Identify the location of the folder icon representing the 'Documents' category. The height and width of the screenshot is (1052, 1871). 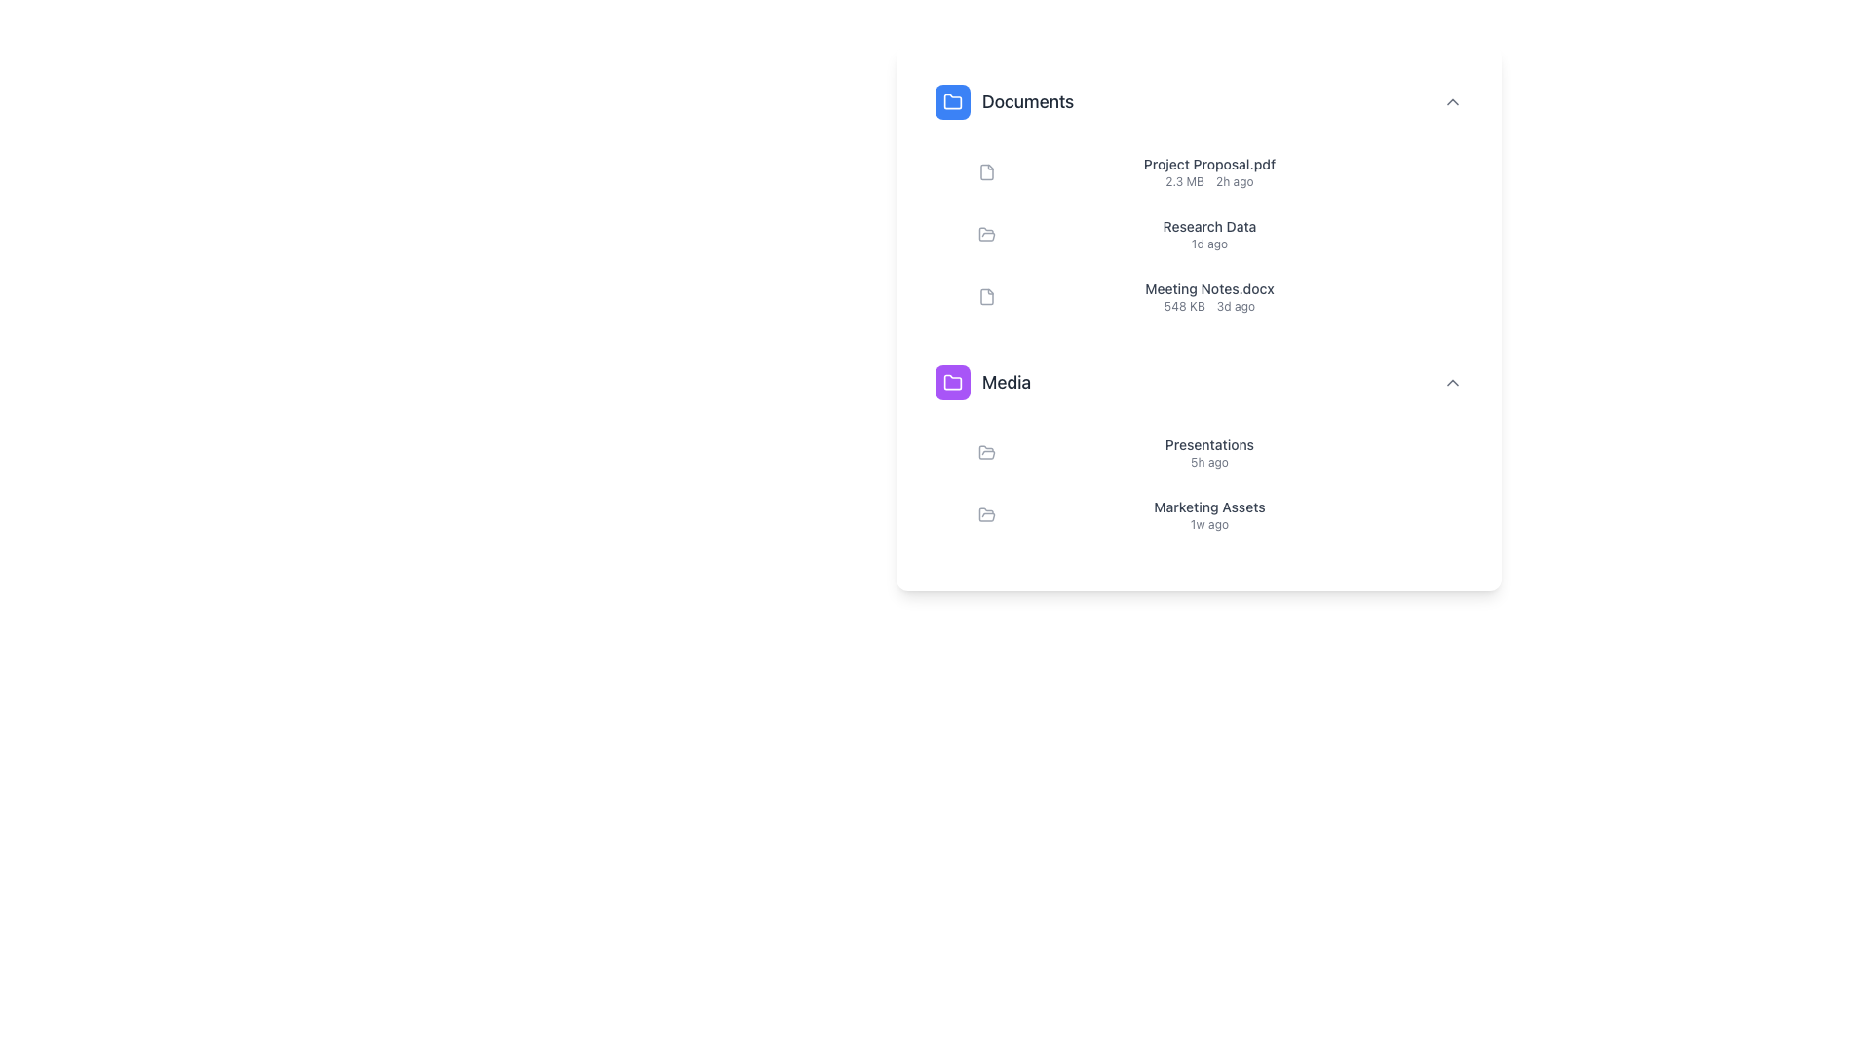
(953, 101).